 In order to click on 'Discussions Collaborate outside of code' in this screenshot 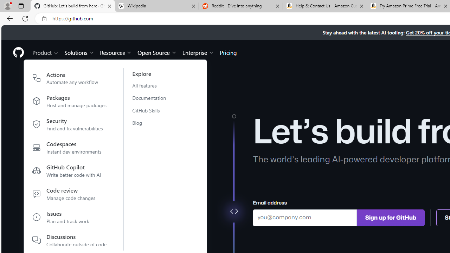, I will do `click(70, 240)`.